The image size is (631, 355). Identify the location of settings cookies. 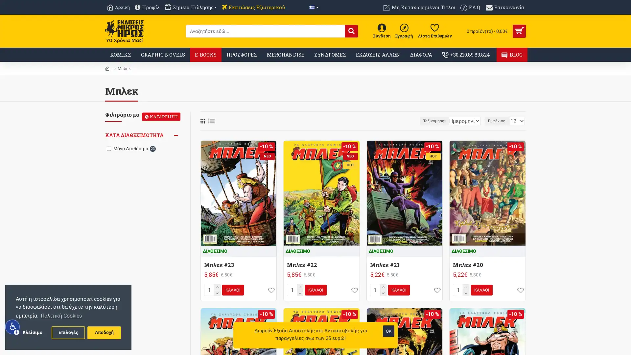
(68, 332).